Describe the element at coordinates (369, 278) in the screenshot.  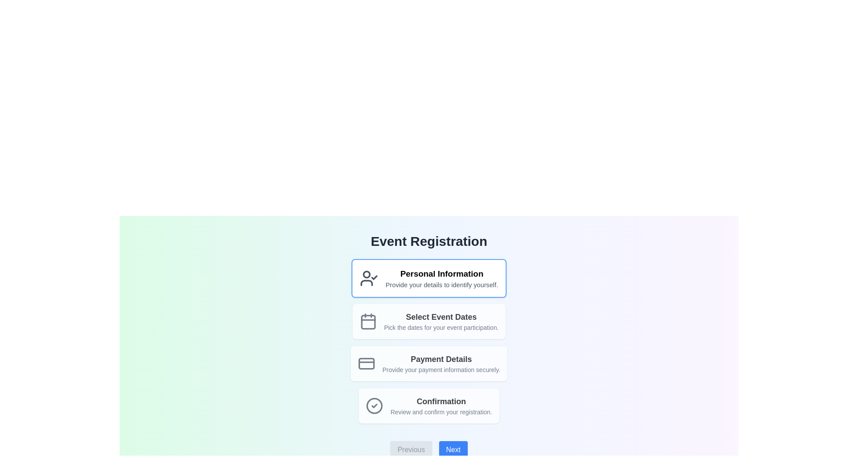
I see `the 'Personal Information' icon located at the top-left corner of the first box in the event registration steps interface` at that location.